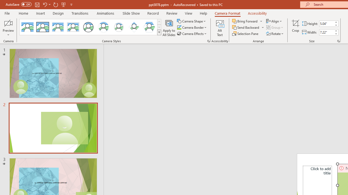 The width and height of the screenshot is (348, 195). I want to click on 'Camera Border', so click(192, 27).